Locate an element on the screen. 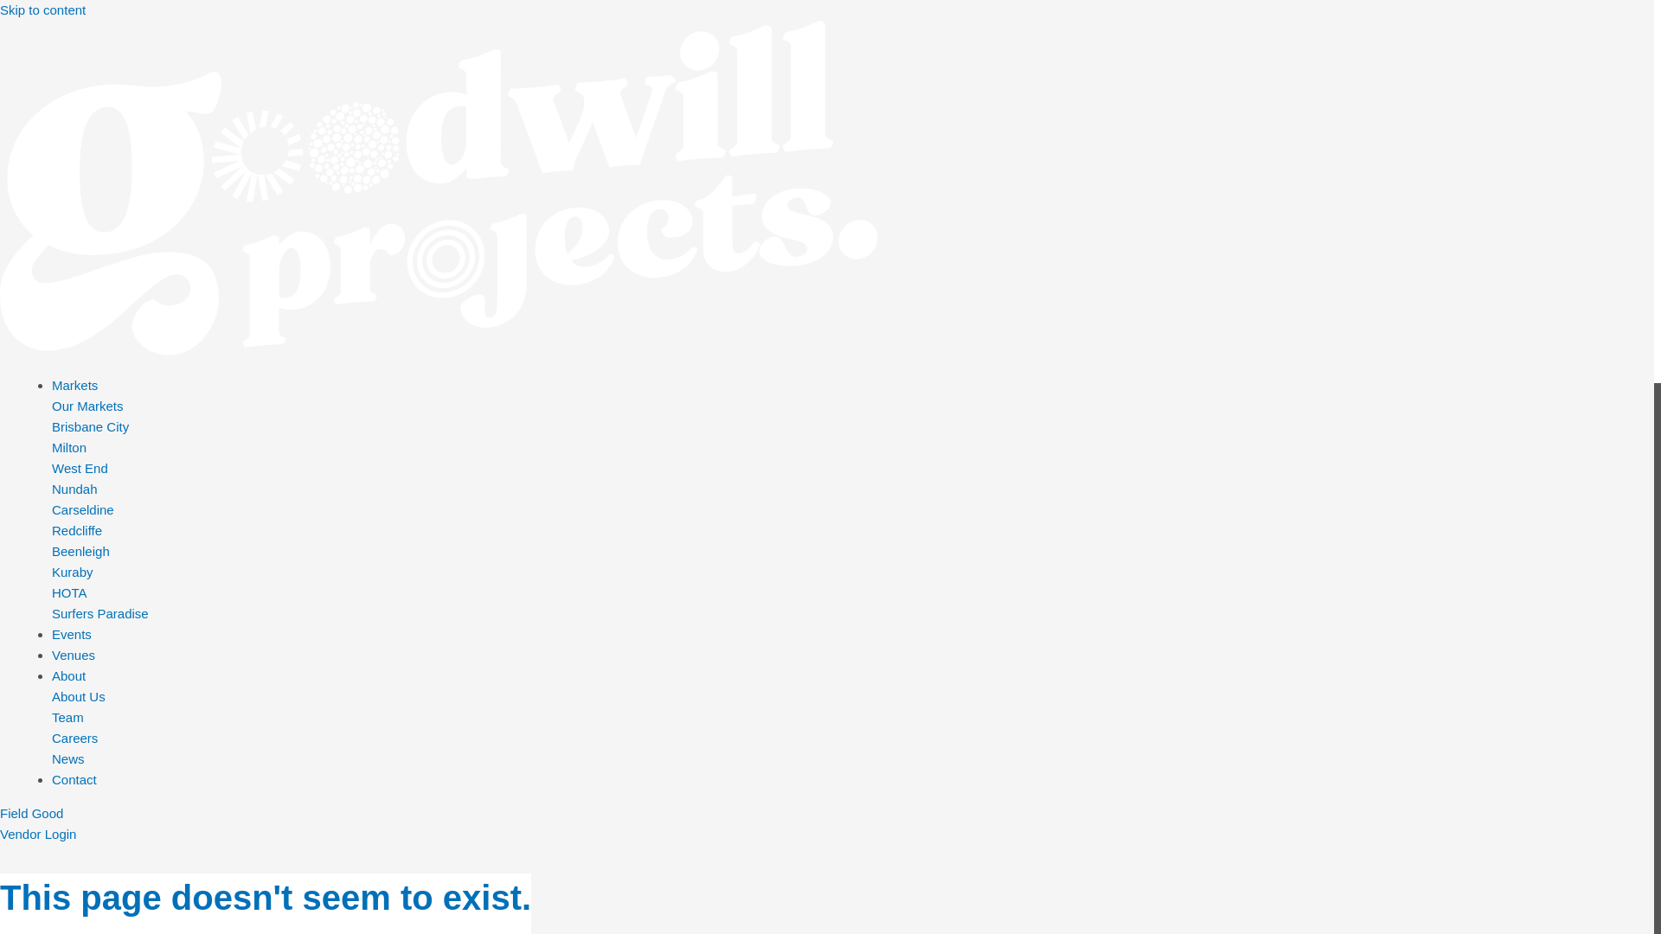 The image size is (1661, 934). 'Vendor Login' is located at coordinates (37, 833).